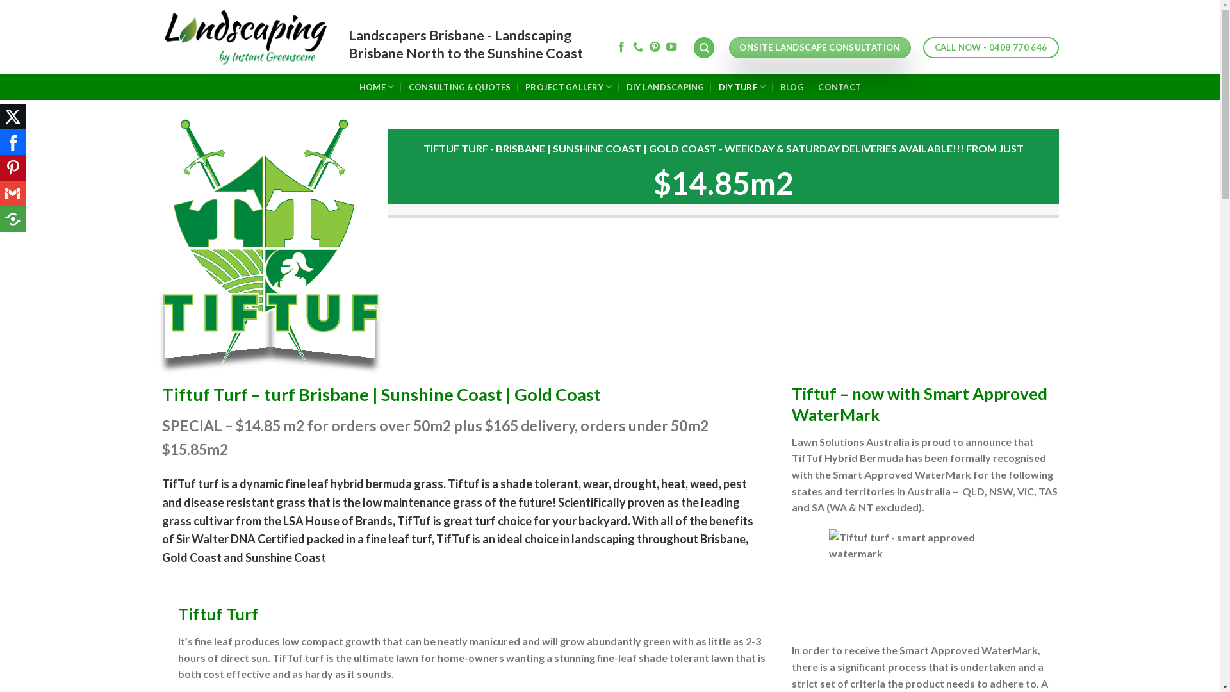  I want to click on 'CONSULTING & QUOTES', so click(460, 86).